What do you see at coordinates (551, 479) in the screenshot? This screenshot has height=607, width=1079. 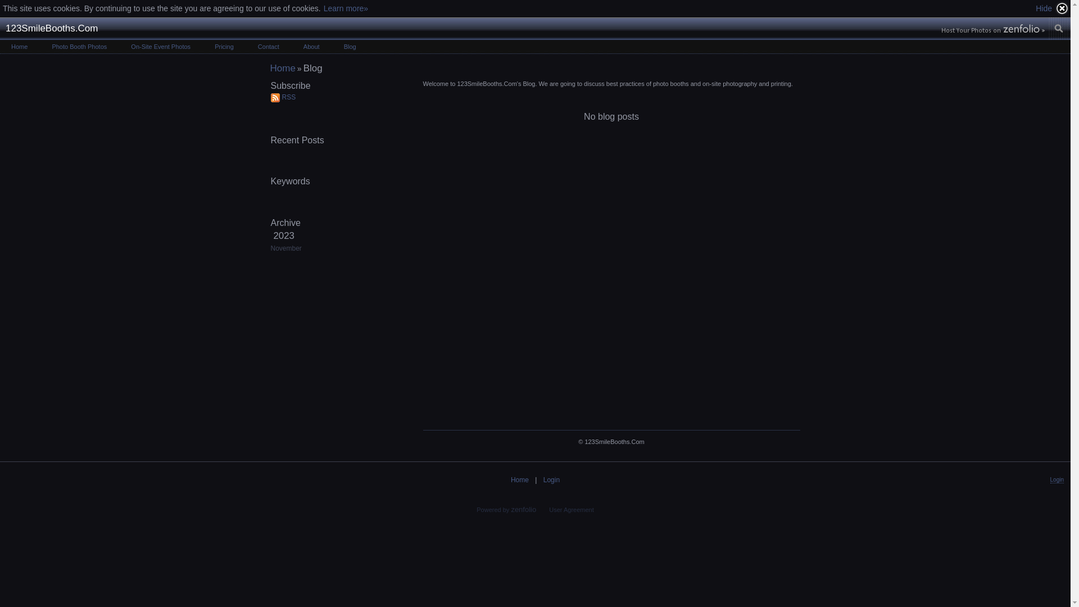 I see `'Login'` at bounding box center [551, 479].